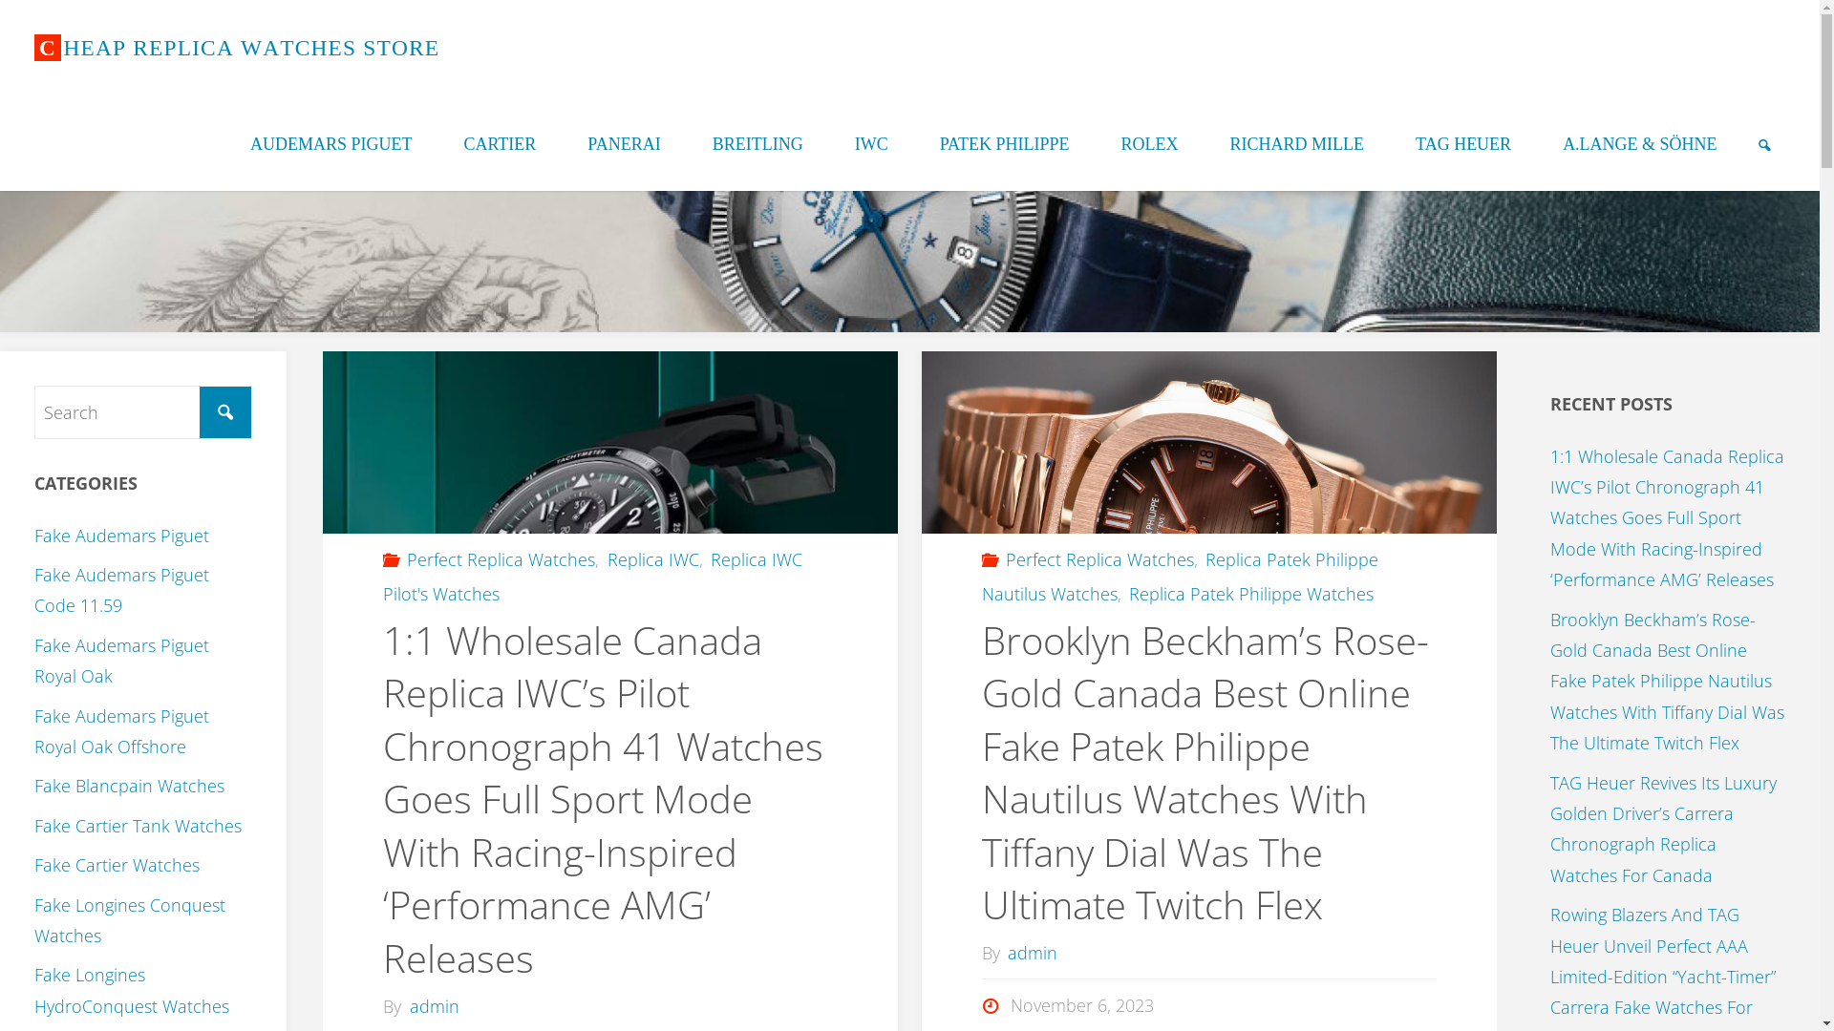  Describe the element at coordinates (992, 1004) in the screenshot. I see `'Date'` at that location.